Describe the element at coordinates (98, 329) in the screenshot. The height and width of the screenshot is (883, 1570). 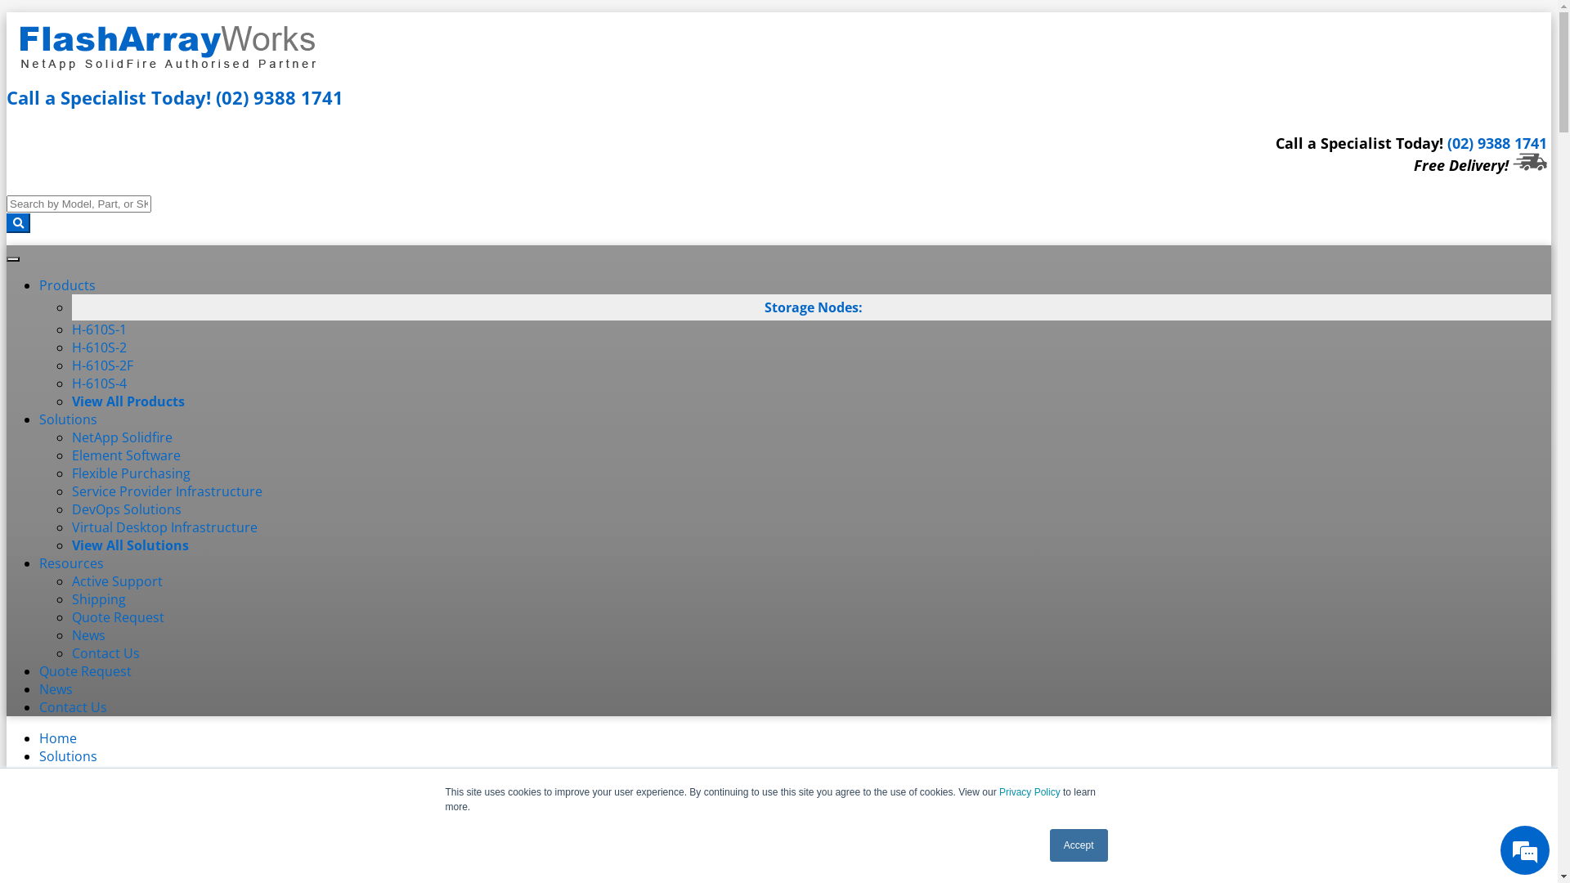
I see `'H-610S-1'` at that location.